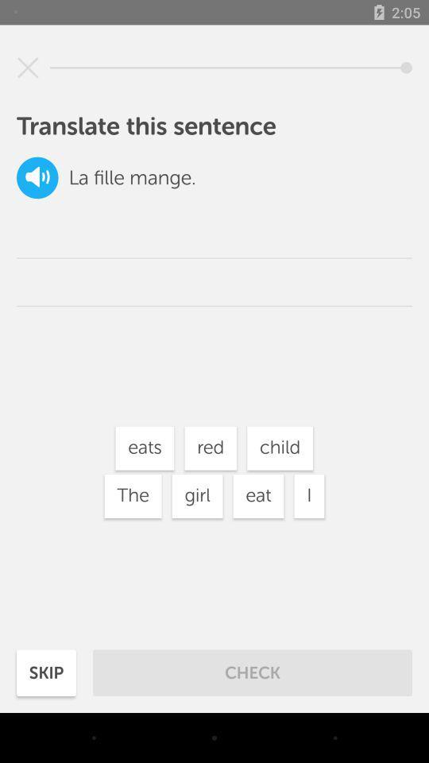  What do you see at coordinates (145, 448) in the screenshot?
I see `icon above the the item` at bounding box center [145, 448].